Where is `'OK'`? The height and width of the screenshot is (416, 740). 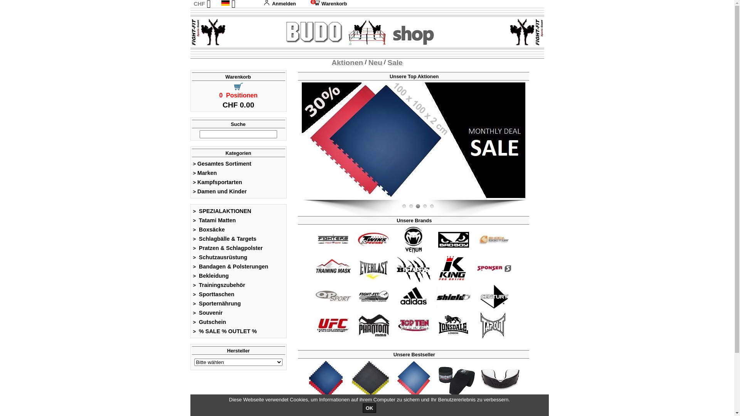 'OK' is located at coordinates (369, 408).